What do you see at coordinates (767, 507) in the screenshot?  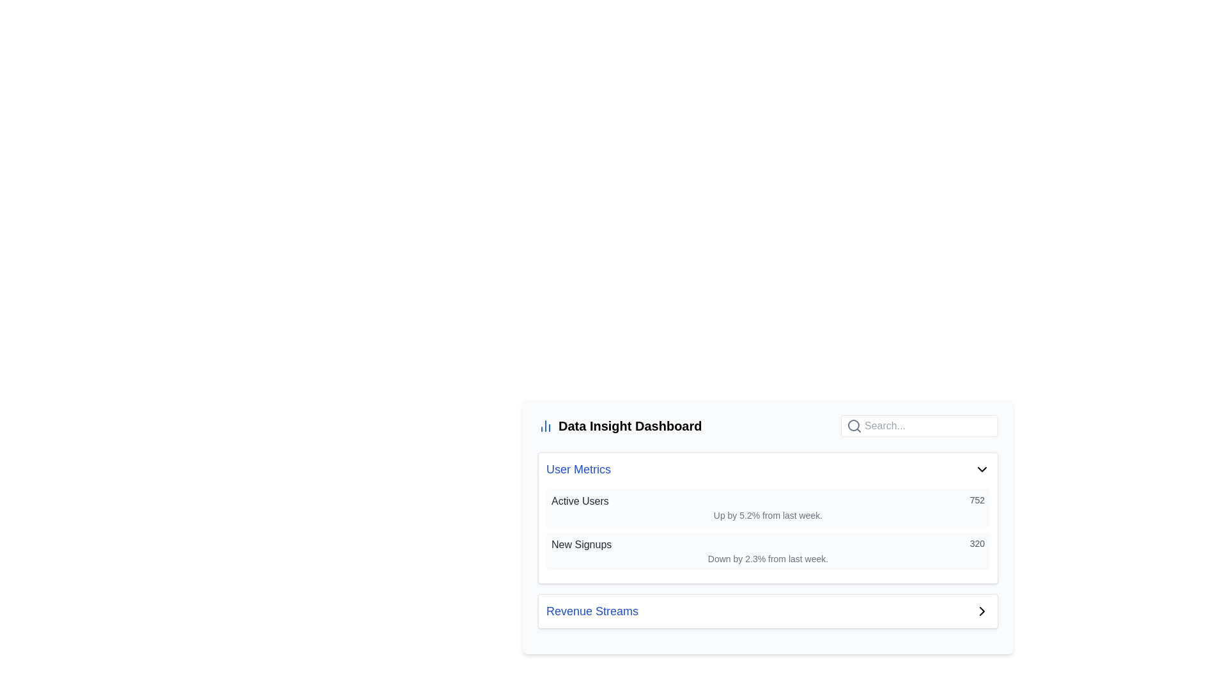 I see `the 'Active Users' Dashboard Card, which is the top card under the 'User Metrics' heading in the Data Insight Dashboard, to compare it with neighboring metrics` at bounding box center [767, 507].